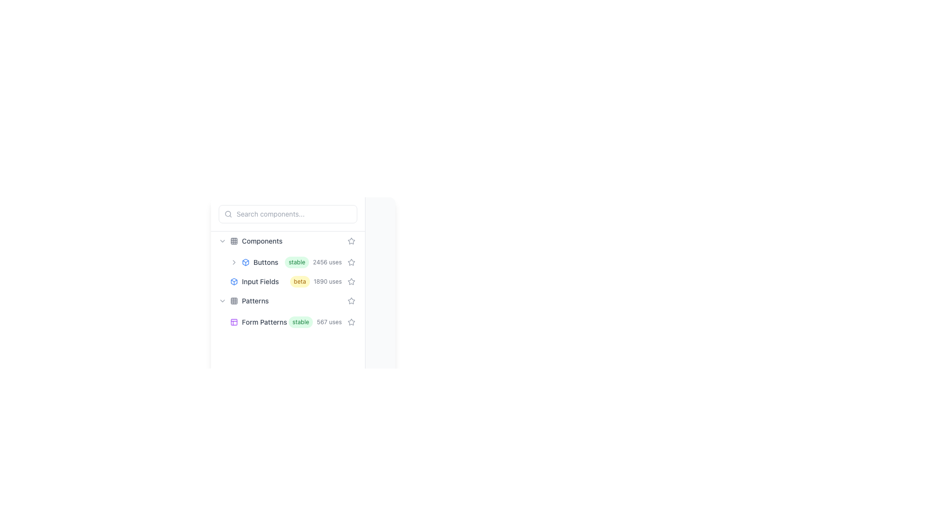 The height and width of the screenshot is (521, 927). Describe the element at coordinates (264, 322) in the screenshot. I see `the 'Form Patterns' text label` at that location.